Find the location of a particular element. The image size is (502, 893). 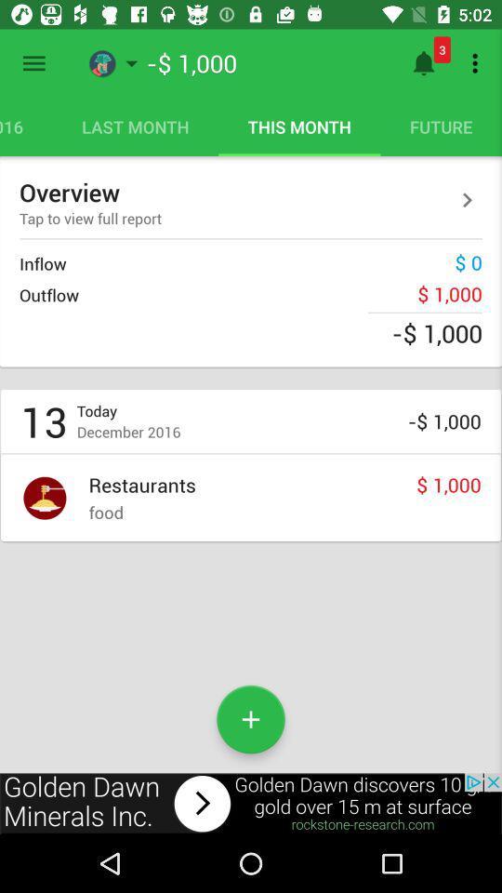

the button right to the menu bar is located at coordinates (131, 63).